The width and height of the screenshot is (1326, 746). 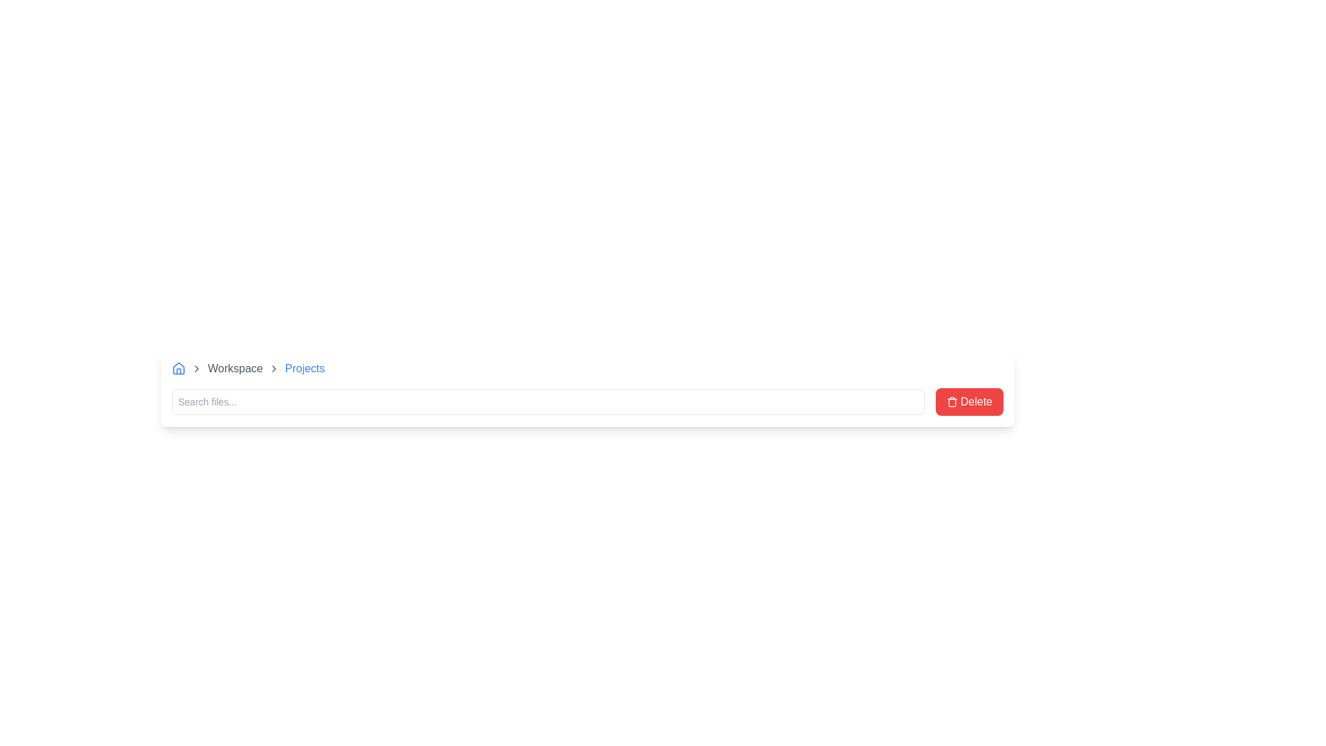 I want to click on the text element displaying 'Workspace' in the breadcrumb navigation to change its color from gray to blue, so click(x=235, y=367).